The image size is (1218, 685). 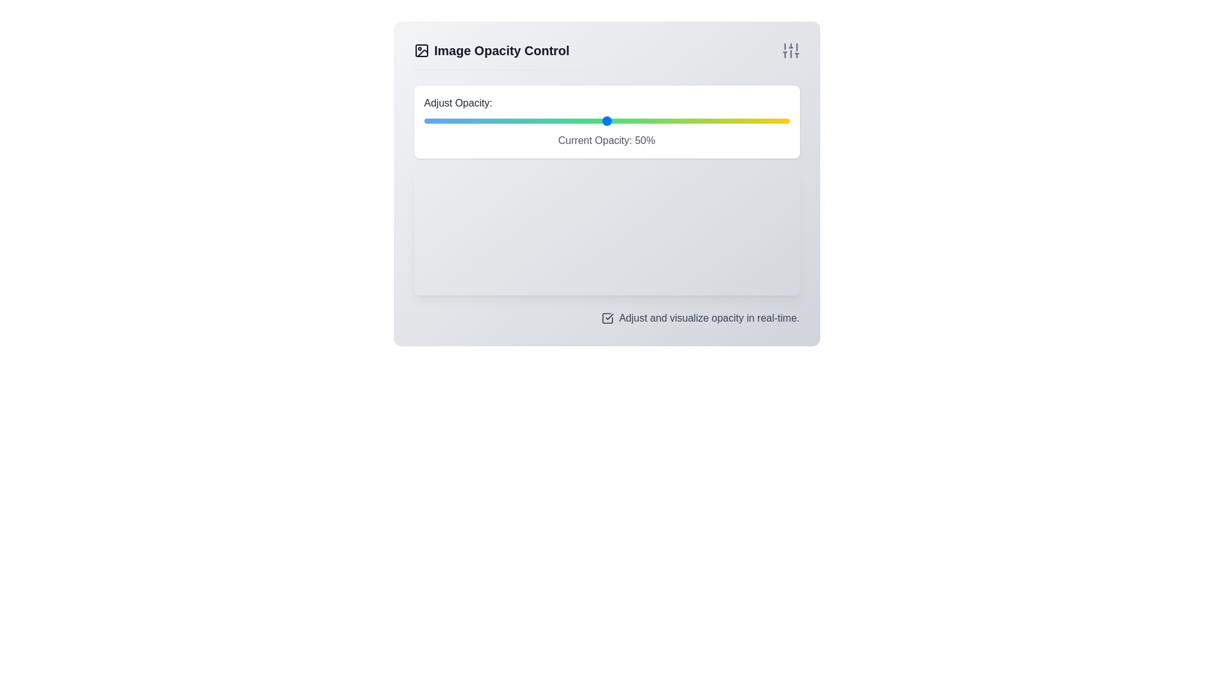 I want to click on the opacity, so click(x=471, y=121).